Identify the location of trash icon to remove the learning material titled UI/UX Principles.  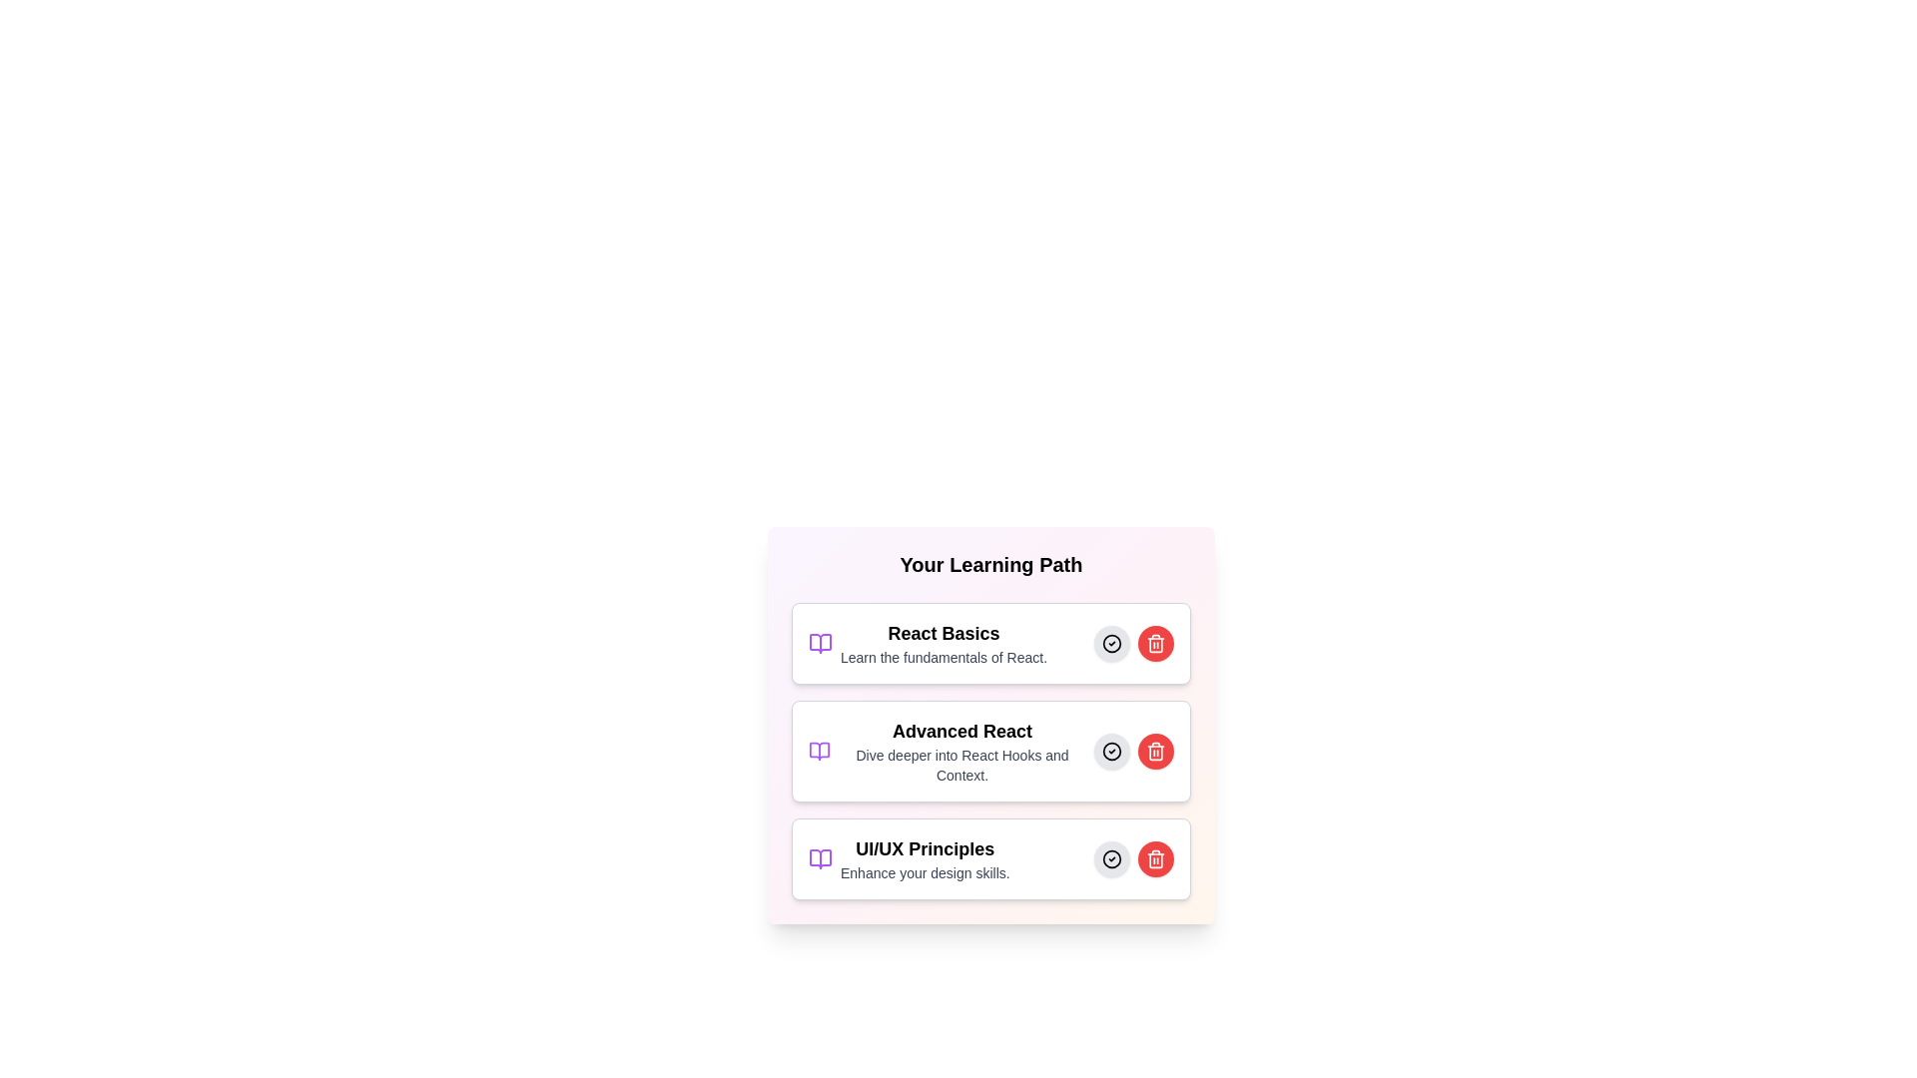
(1155, 857).